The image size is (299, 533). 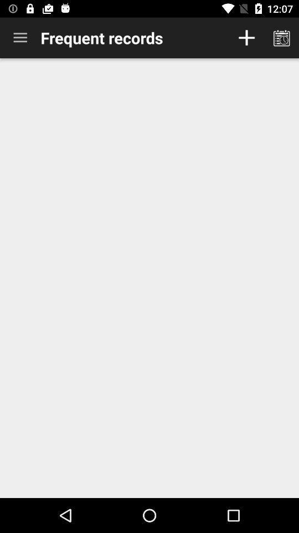 I want to click on recording, so click(x=246, y=38).